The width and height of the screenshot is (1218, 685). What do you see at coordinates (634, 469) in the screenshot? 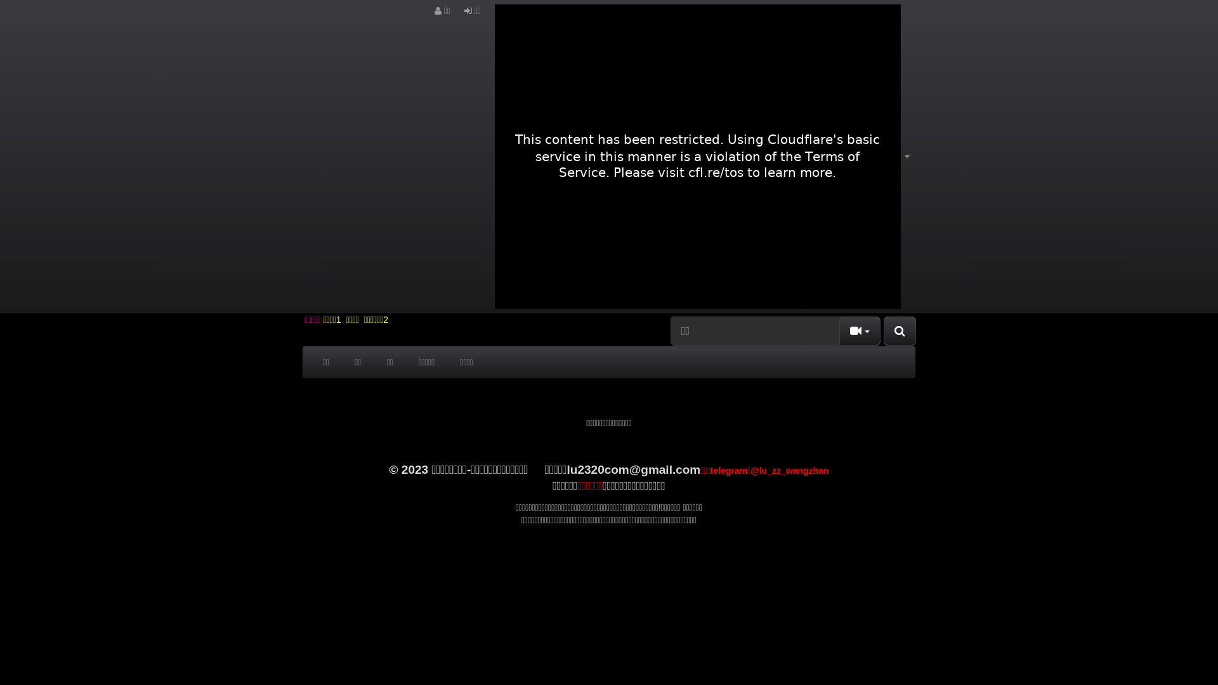
I see `'lu2320com@gmail.com'` at bounding box center [634, 469].